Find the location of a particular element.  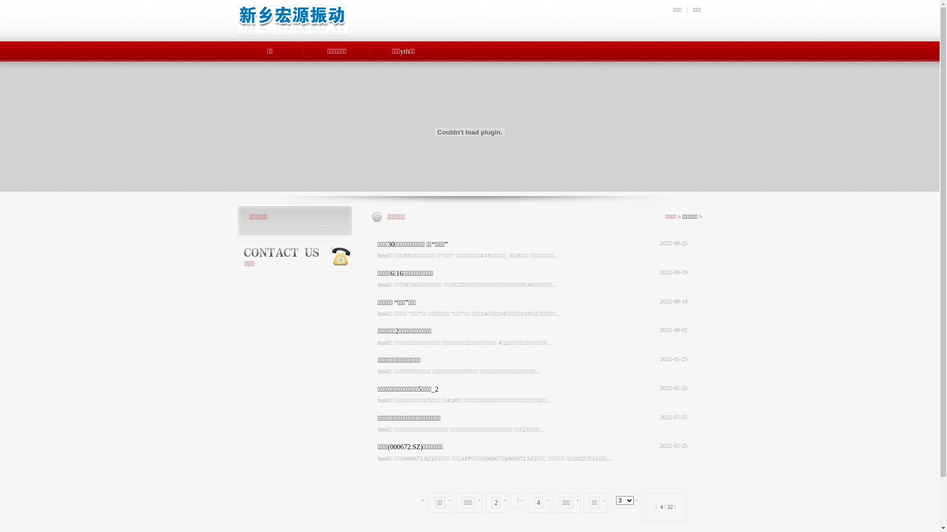

'4' is located at coordinates (538, 502).